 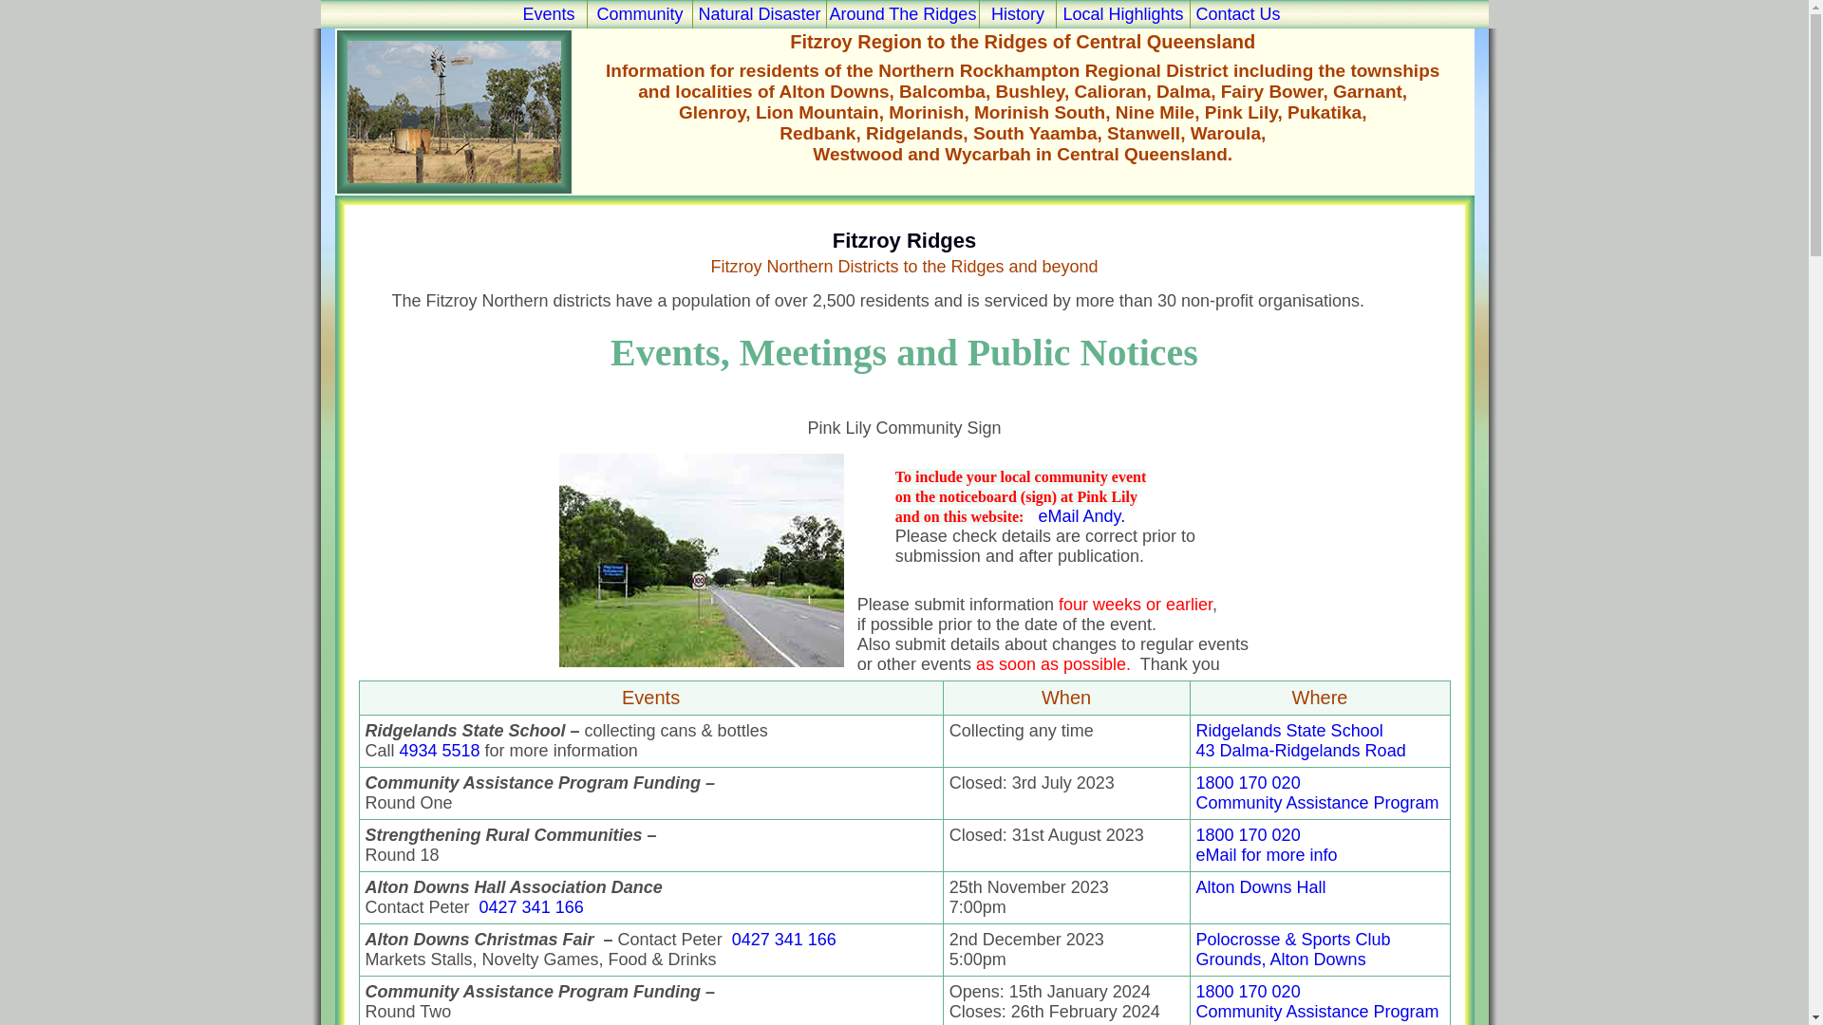 What do you see at coordinates (1122, 14) in the screenshot?
I see `'Local Highlights'` at bounding box center [1122, 14].